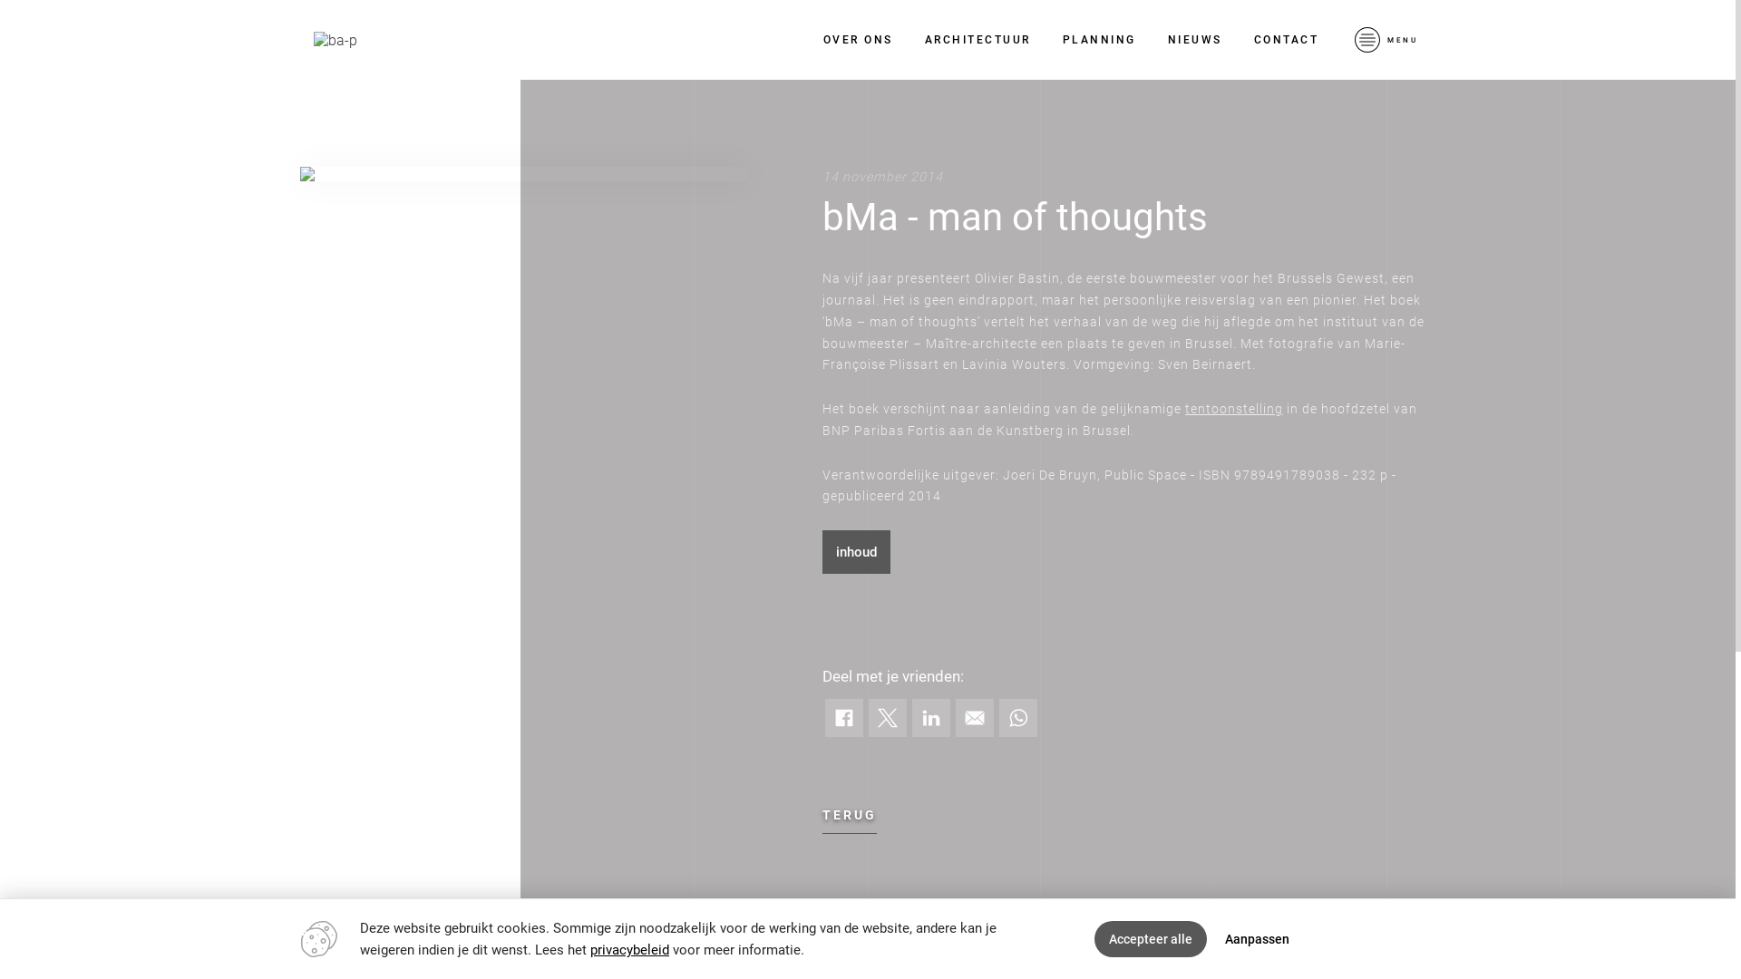 The height and width of the screenshot is (979, 1741). I want to click on 'ba-p', so click(335, 39).